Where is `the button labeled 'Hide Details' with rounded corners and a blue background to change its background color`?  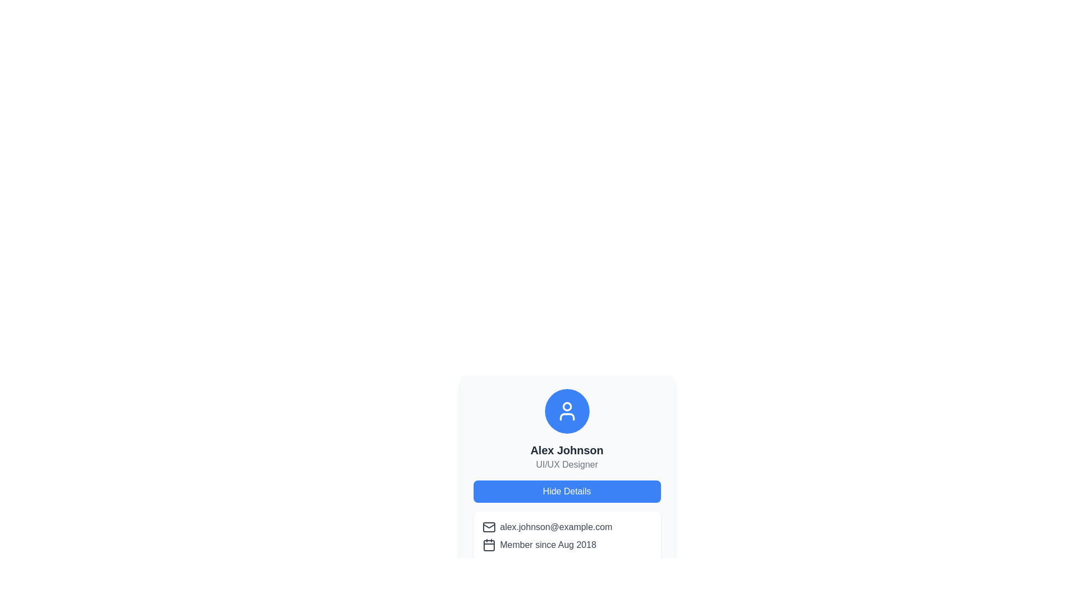 the button labeled 'Hide Details' with rounded corners and a blue background to change its background color is located at coordinates (567, 491).